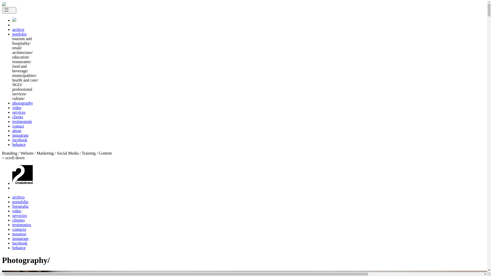  Describe the element at coordinates (20, 135) in the screenshot. I see `'instagram'` at that location.